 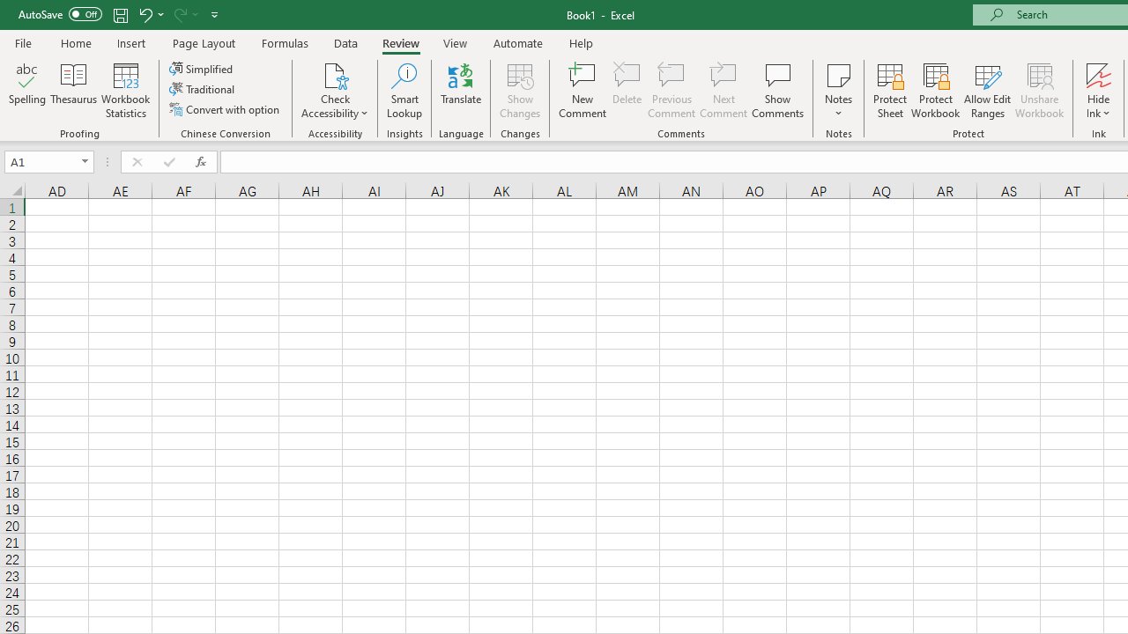 What do you see at coordinates (934, 91) in the screenshot?
I see `'Protect Workbook...'` at bounding box center [934, 91].